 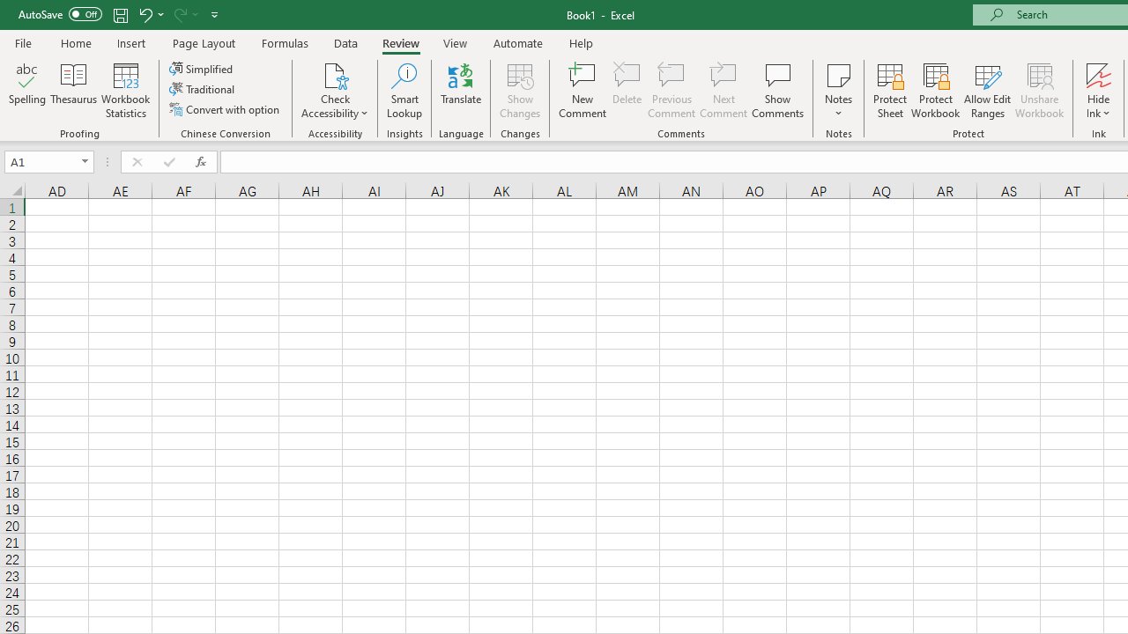 What do you see at coordinates (934, 91) in the screenshot?
I see `'Protect Workbook...'` at bounding box center [934, 91].